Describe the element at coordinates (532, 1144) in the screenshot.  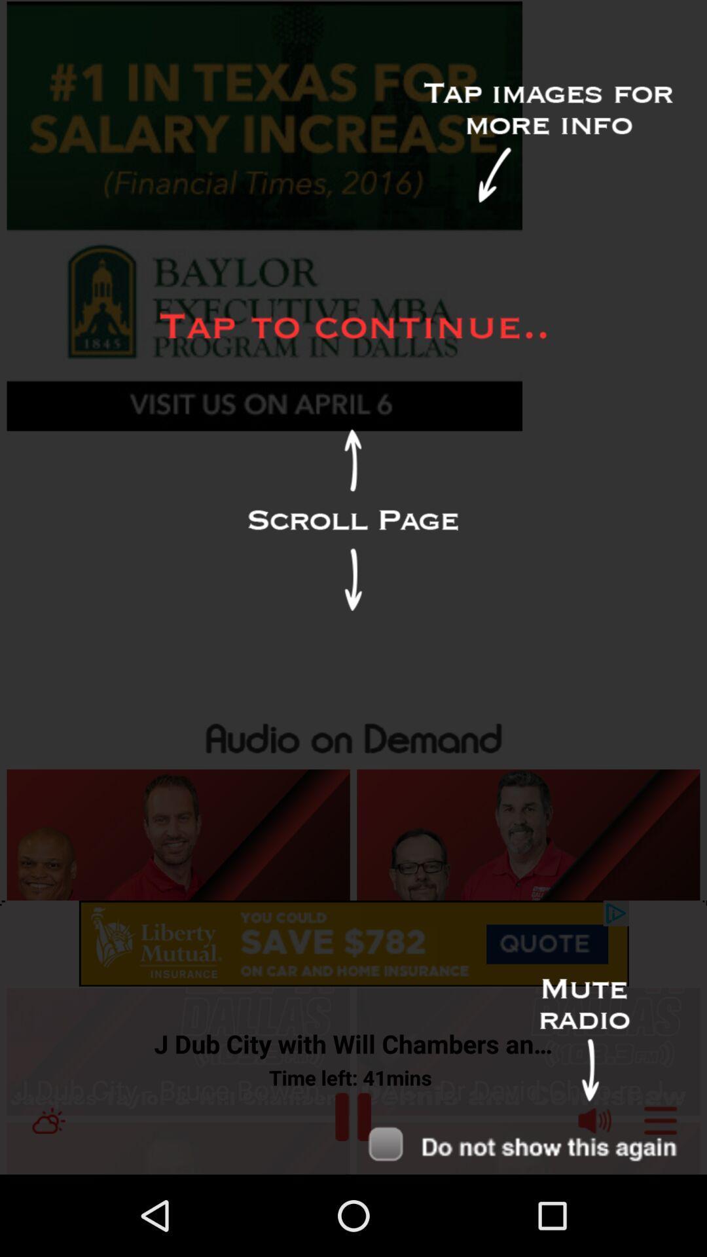
I see `the button which is showing the down arrow in the last` at that location.